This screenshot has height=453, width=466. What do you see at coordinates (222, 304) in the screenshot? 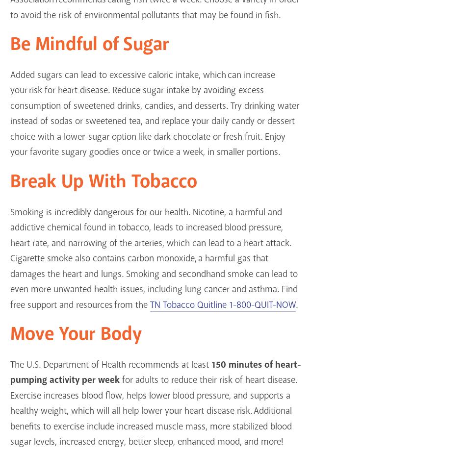
I see `'TN Tobacco Quitline 1-800-QUIT-NOW'` at bounding box center [222, 304].